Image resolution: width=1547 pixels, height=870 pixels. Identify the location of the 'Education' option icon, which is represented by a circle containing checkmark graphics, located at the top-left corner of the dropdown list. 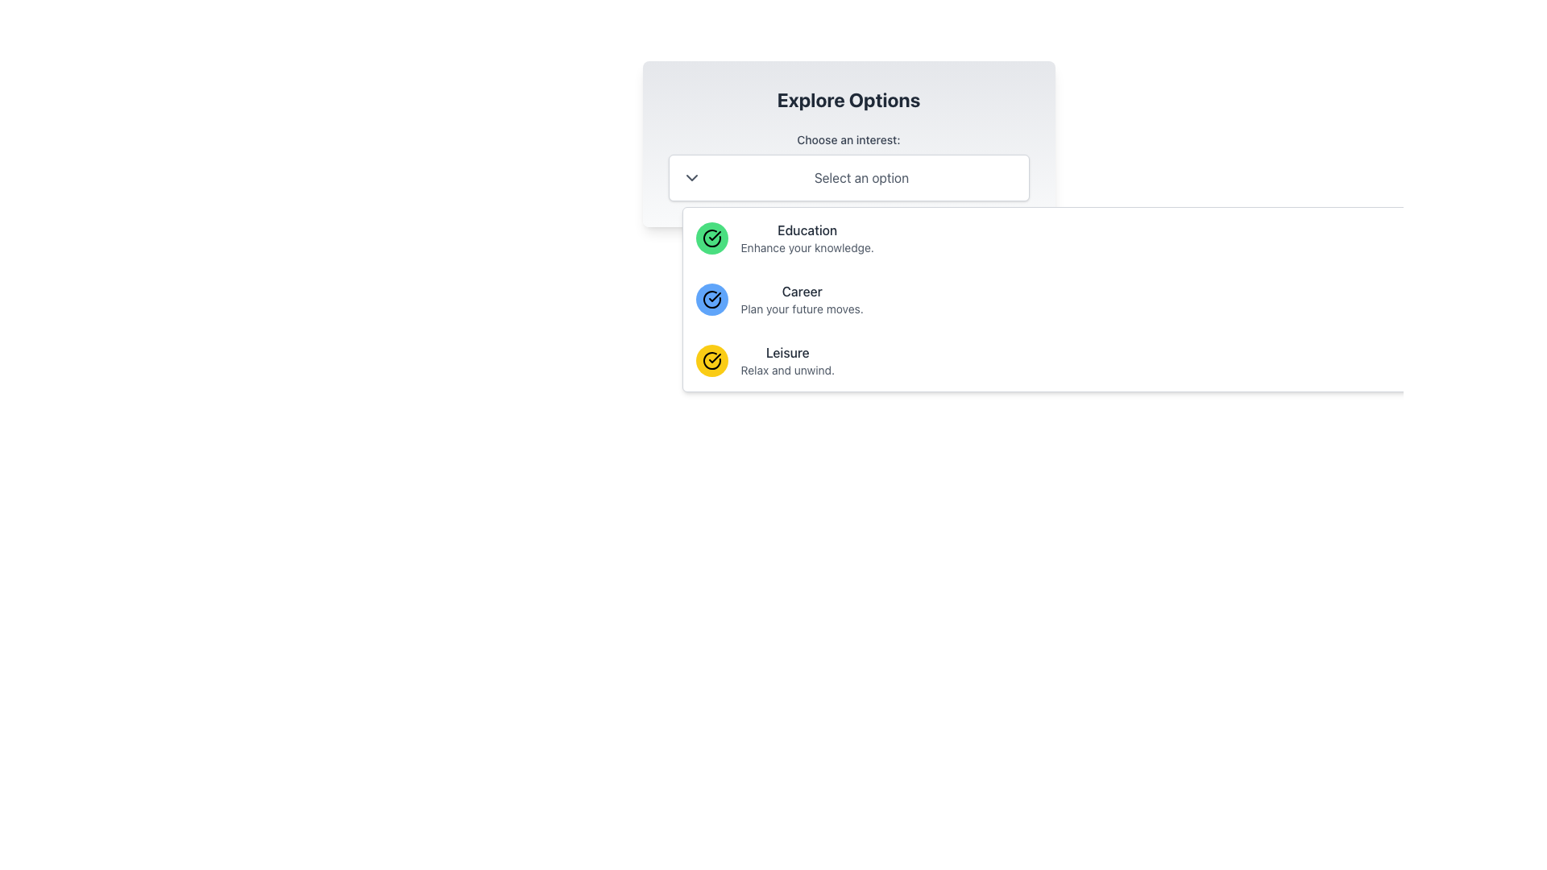
(714, 357).